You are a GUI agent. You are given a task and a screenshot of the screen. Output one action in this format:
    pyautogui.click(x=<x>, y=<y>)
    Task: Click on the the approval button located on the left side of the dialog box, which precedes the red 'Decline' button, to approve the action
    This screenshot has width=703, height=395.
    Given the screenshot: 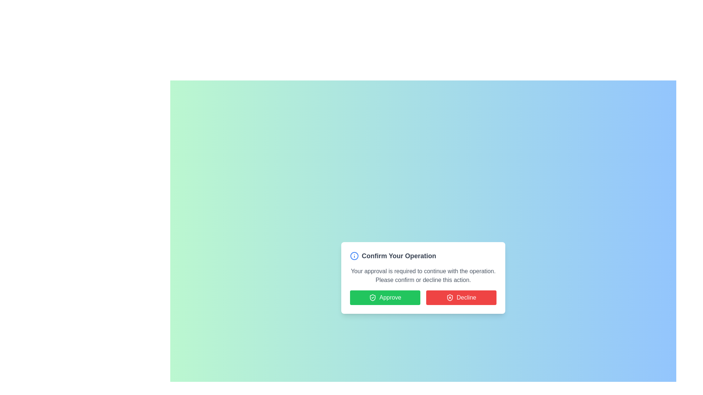 What is the action you would take?
    pyautogui.click(x=384, y=297)
    